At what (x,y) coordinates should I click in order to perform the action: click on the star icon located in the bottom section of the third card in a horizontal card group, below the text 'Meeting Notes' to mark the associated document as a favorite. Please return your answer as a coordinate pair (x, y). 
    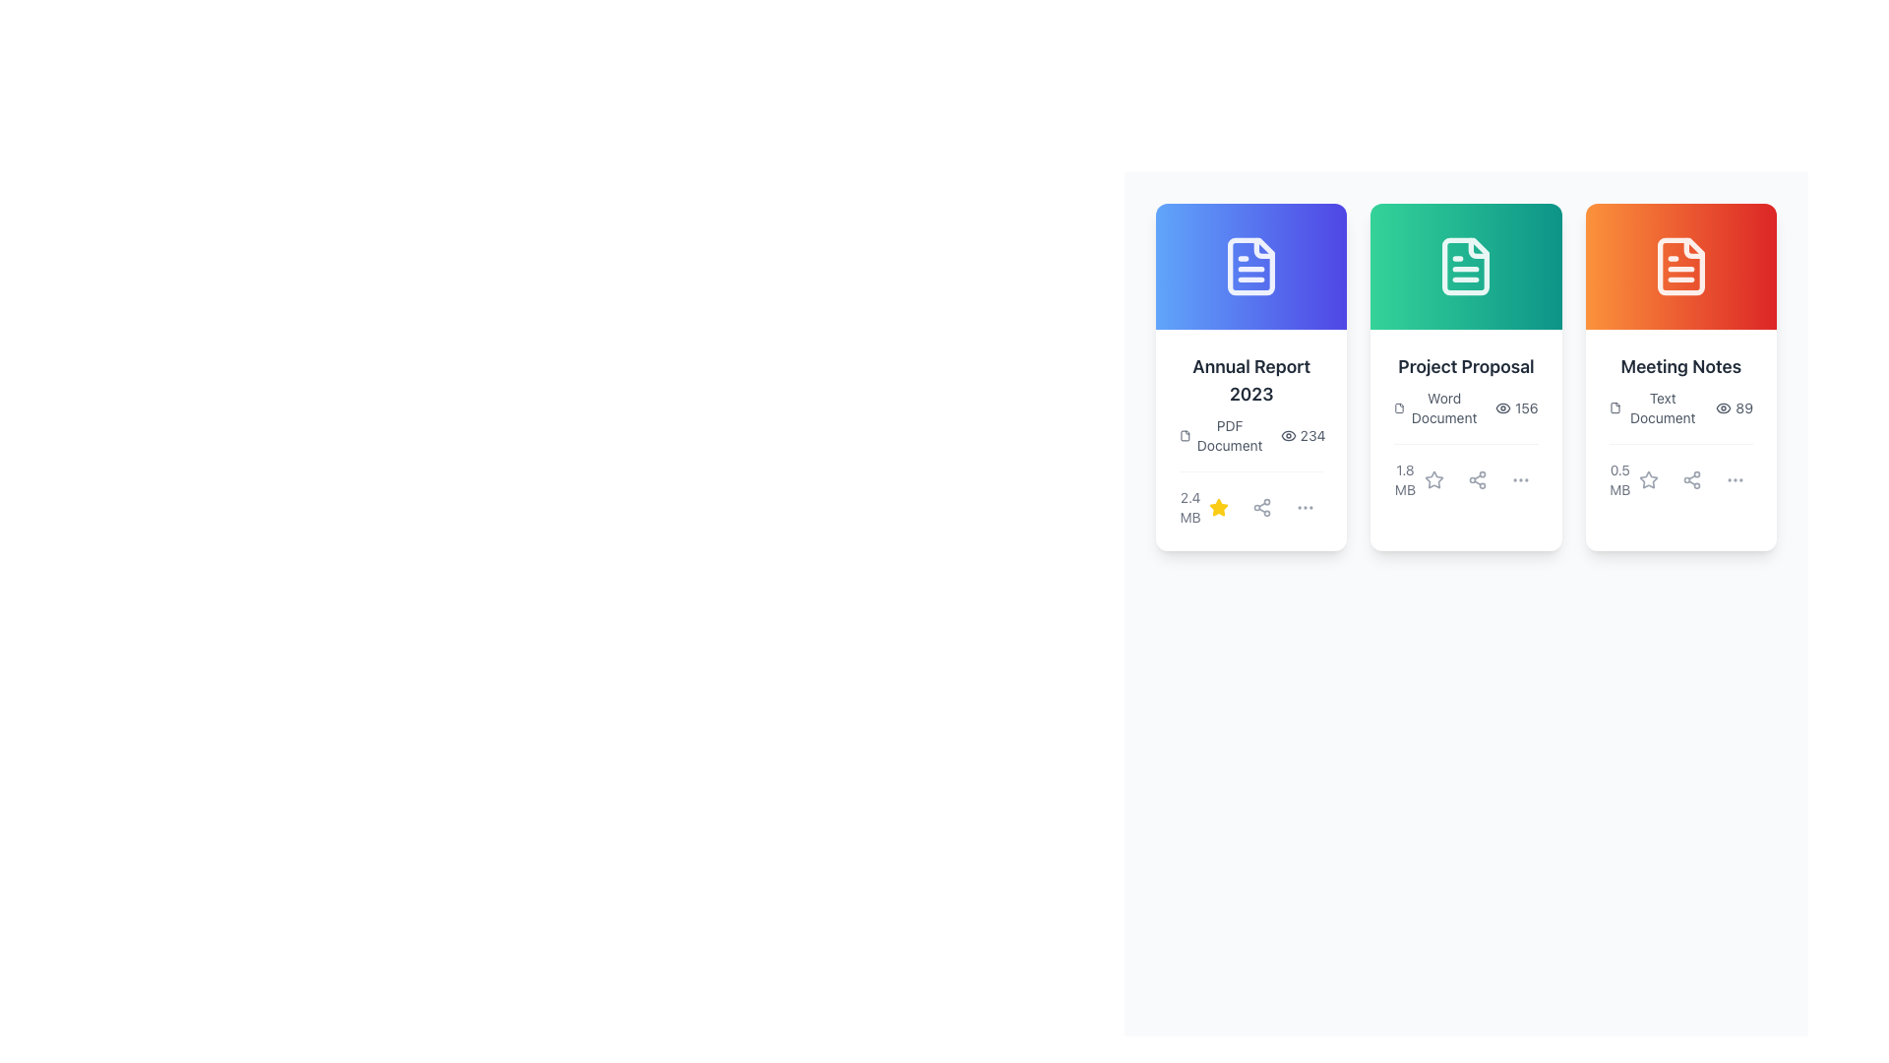
    Looking at the image, I should click on (1648, 480).